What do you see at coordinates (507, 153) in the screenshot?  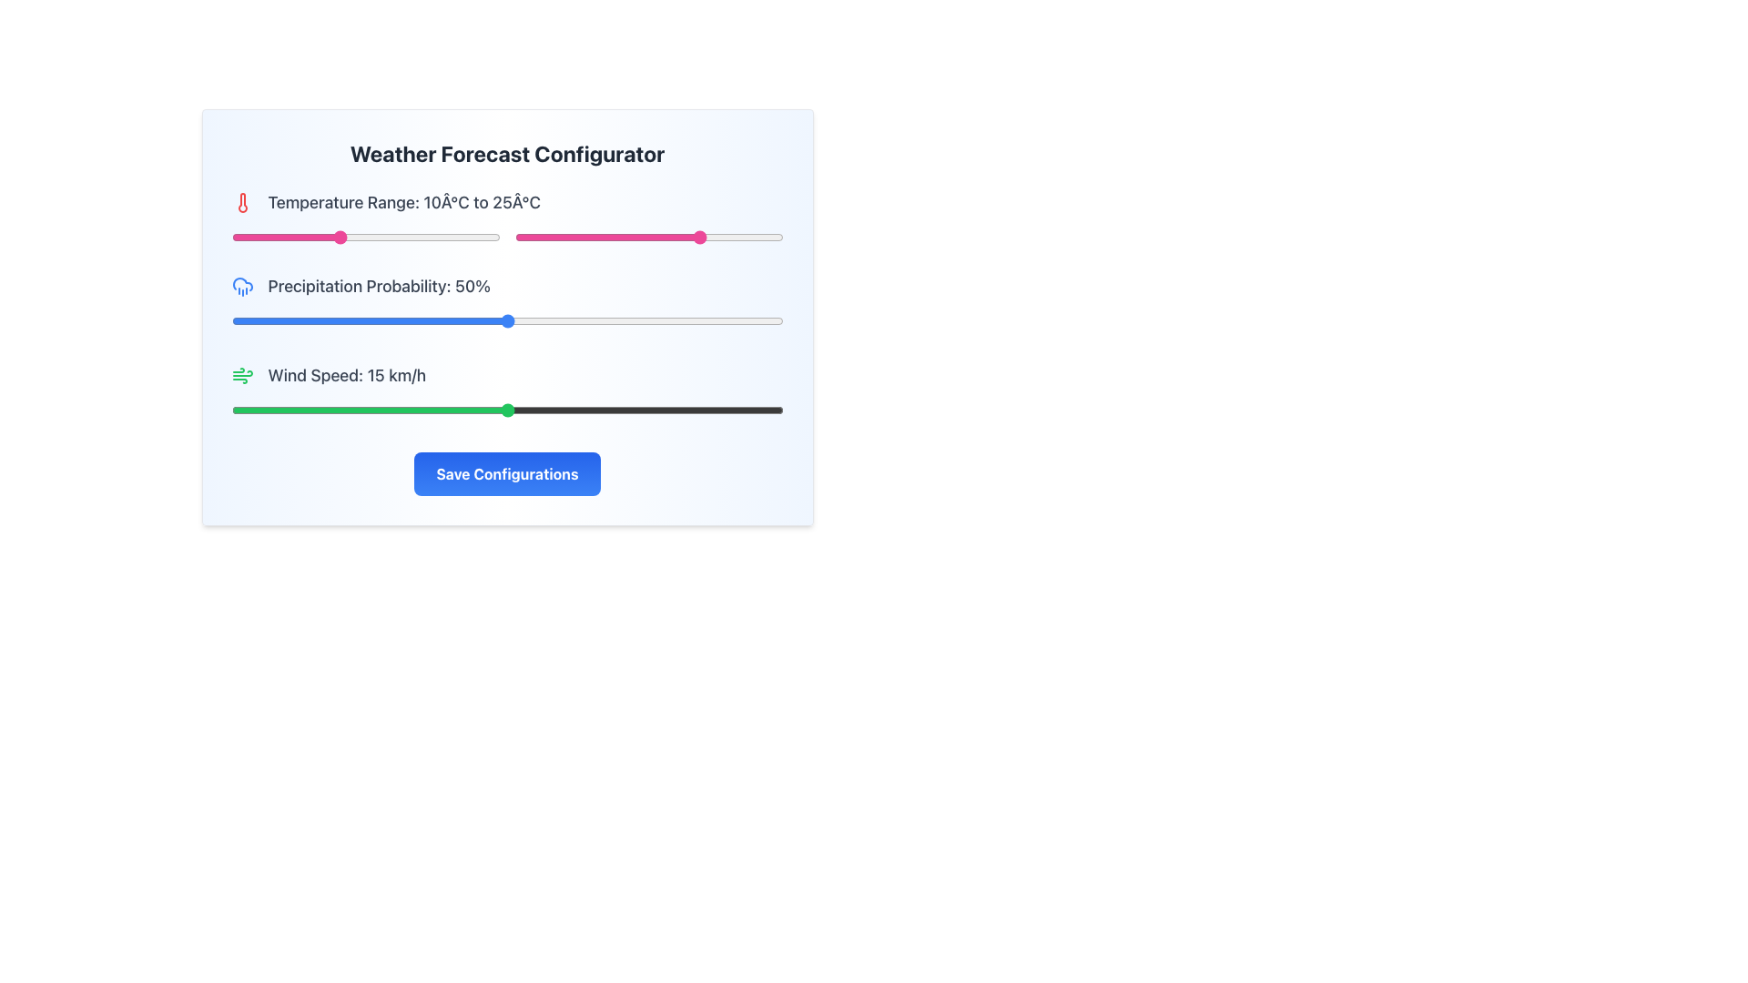 I see `the Header text element that serves as the title of the configurator card, positioned centrally at the top above the temperature range settings` at bounding box center [507, 153].